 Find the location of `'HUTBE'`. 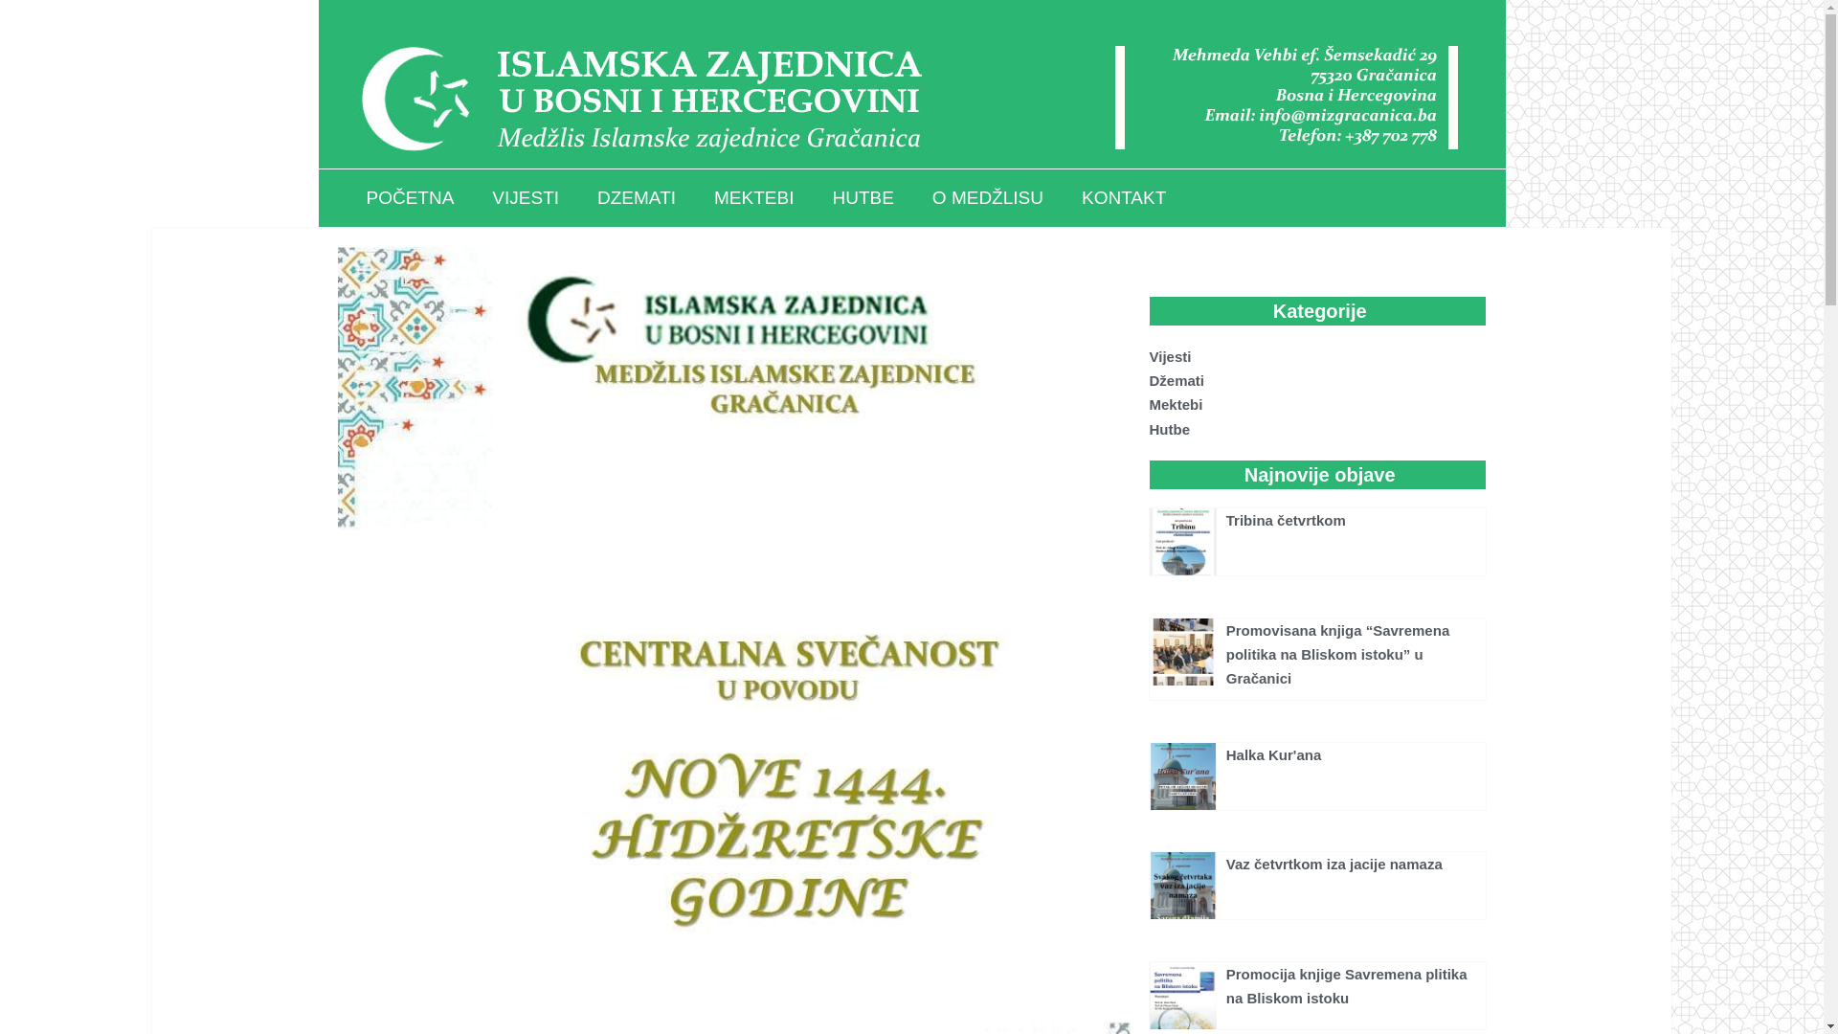

'HUTBE' is located at coordinates (862, 198).